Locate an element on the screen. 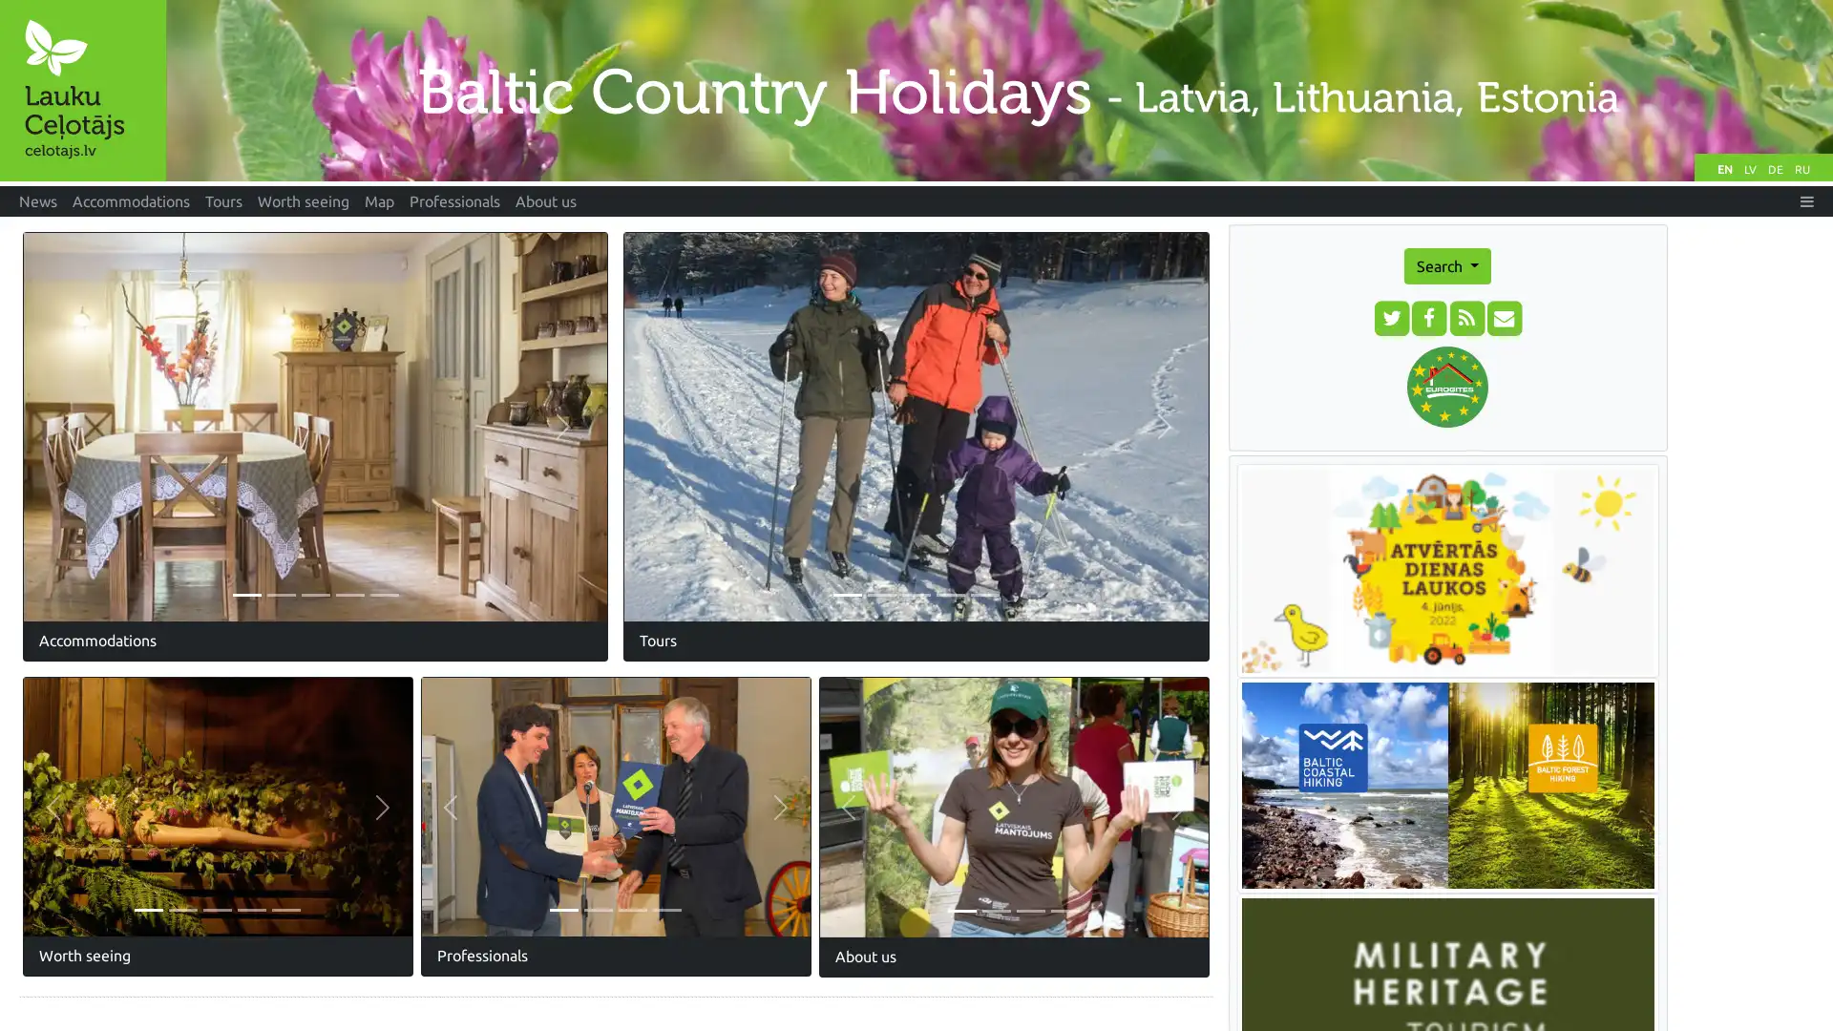 The height and width of the screenshot is (1031, 1833). Next is located at coordinates (562, 426).